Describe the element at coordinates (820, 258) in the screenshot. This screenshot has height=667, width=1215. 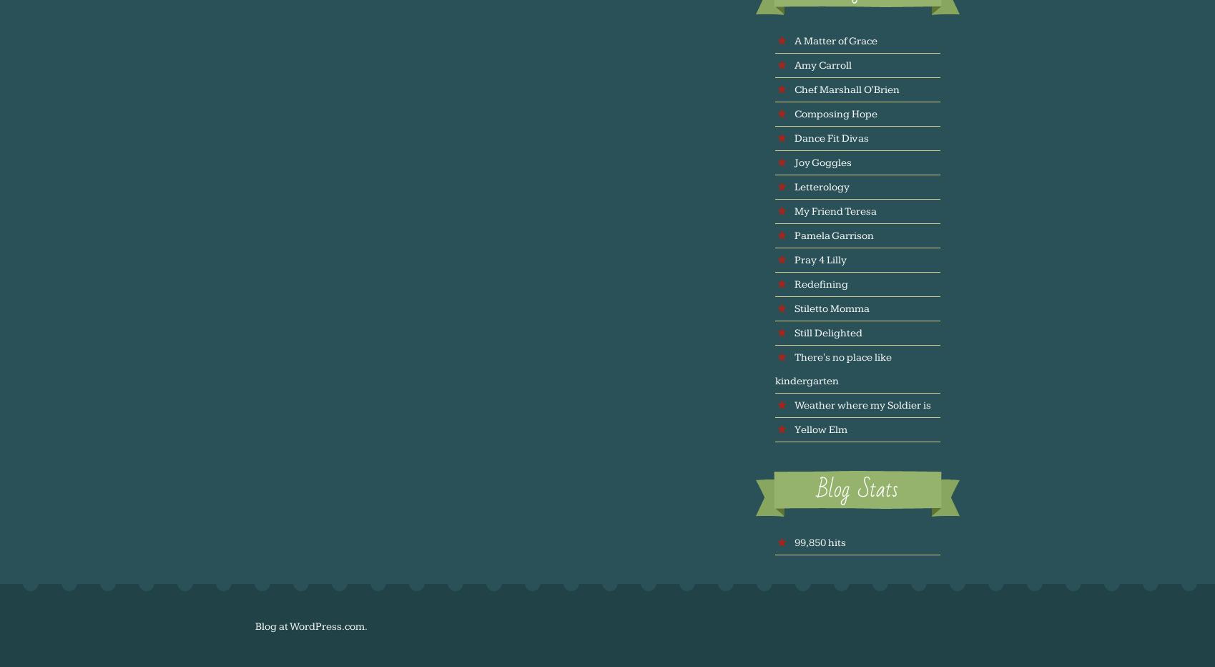
I see `'Pray 4 Lilly'` at that location.